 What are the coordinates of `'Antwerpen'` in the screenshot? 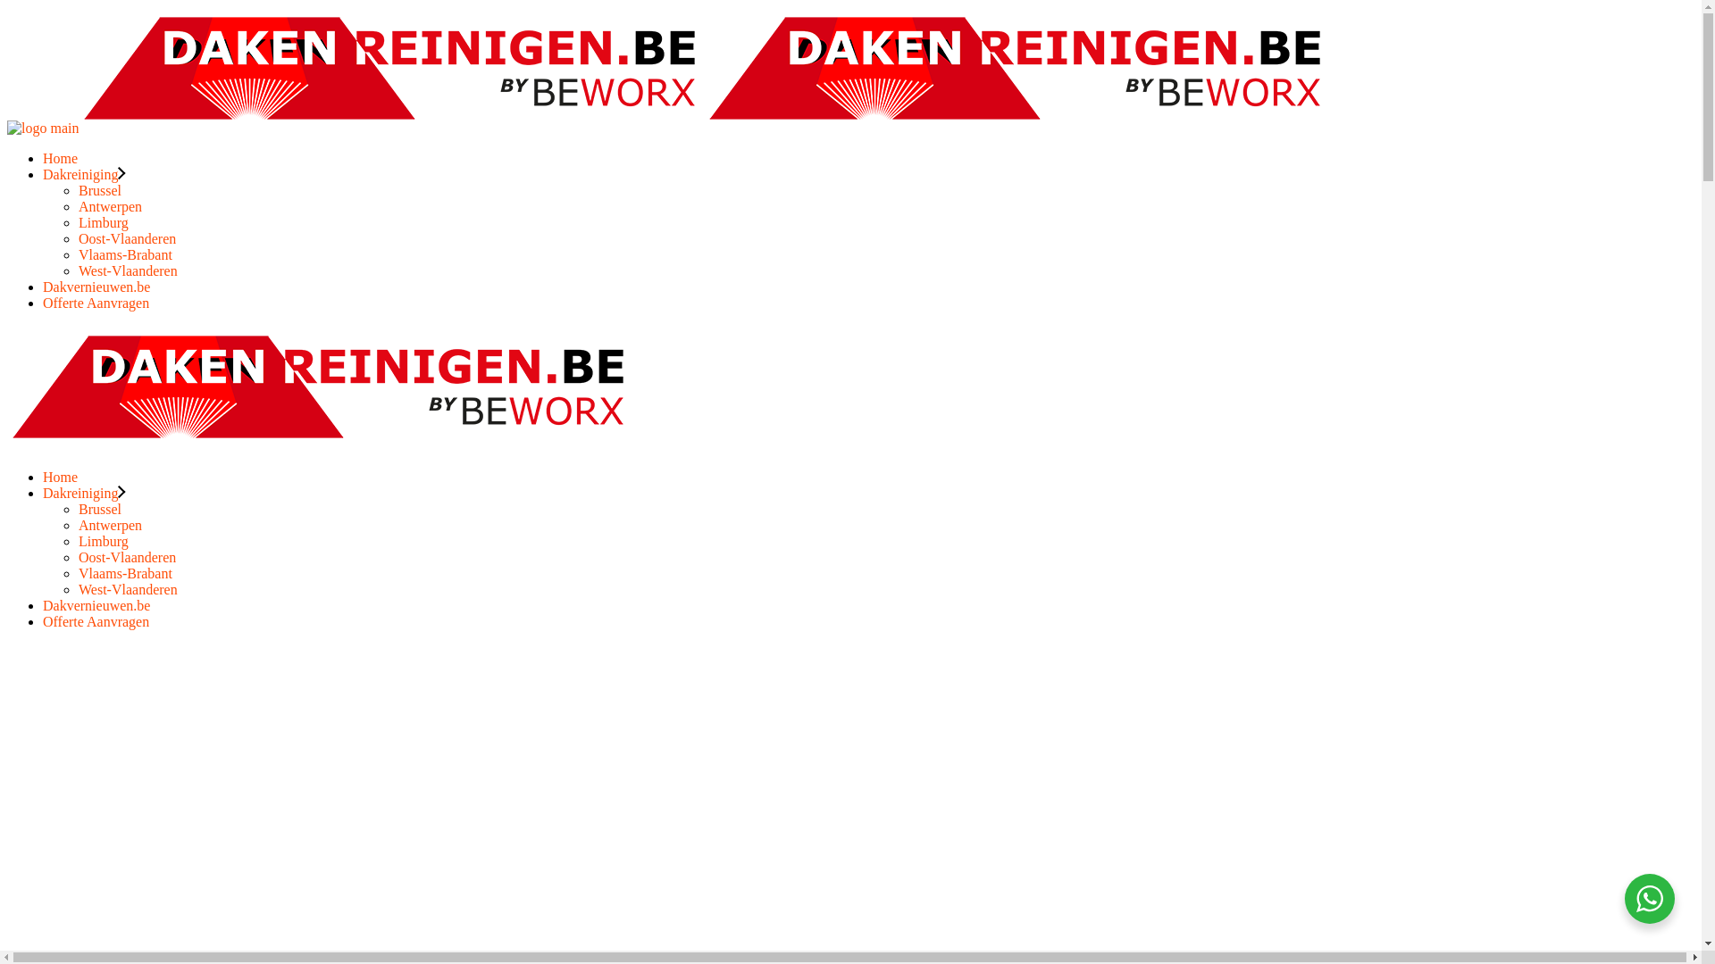 It's located at (77, 205).